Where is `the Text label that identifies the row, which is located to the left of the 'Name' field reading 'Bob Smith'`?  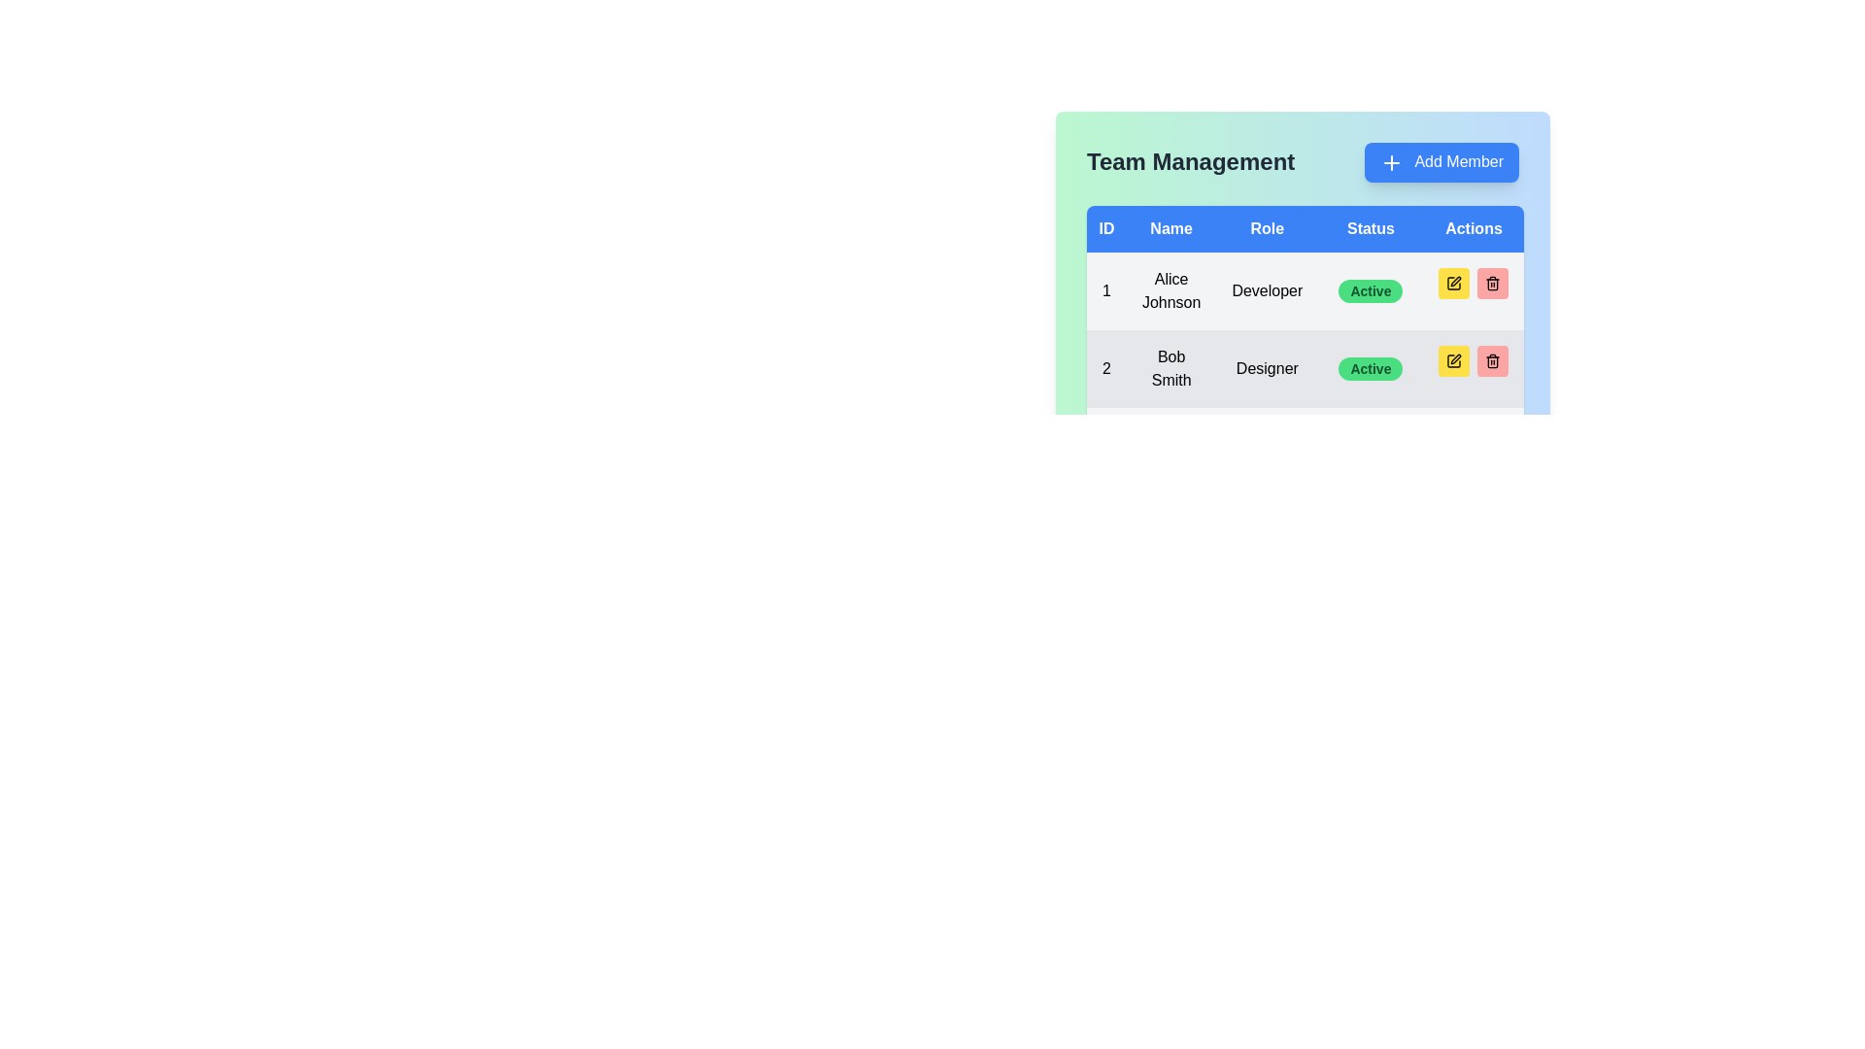 the Text label that identifies the row, which is located to the left of the 'Name' field reading 'Bob Smith' is located at coordinates (1106, 368).